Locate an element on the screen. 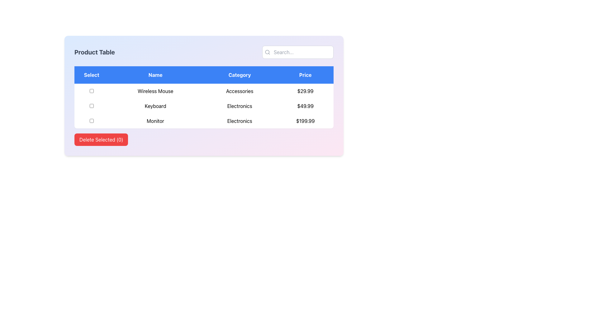 This screenshot has height=336, width=598. the 'Wireless Mouse' category text label located in the first row under the 'Category' column, positioned between the 'Name' and 'Price' columns is located at coordinates (239, 91).